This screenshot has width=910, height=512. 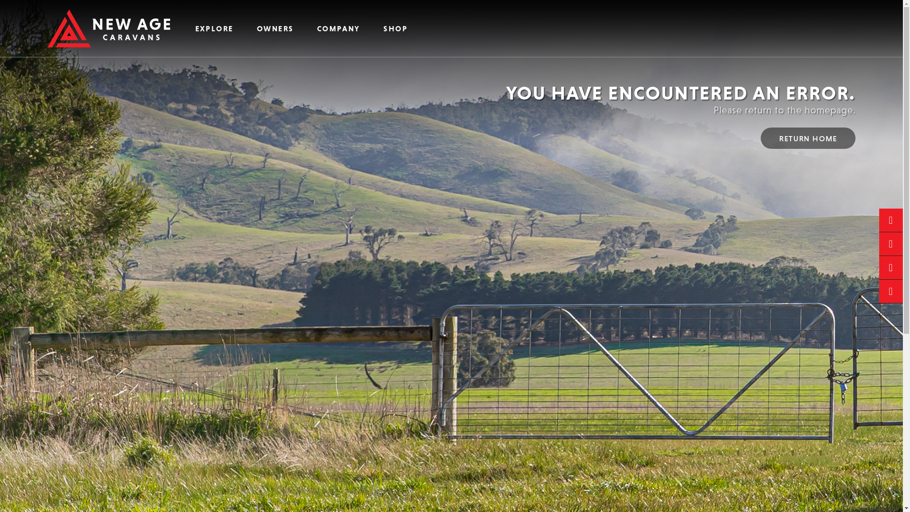 I want to click on 'SHOP', so click(x=396, y=28).